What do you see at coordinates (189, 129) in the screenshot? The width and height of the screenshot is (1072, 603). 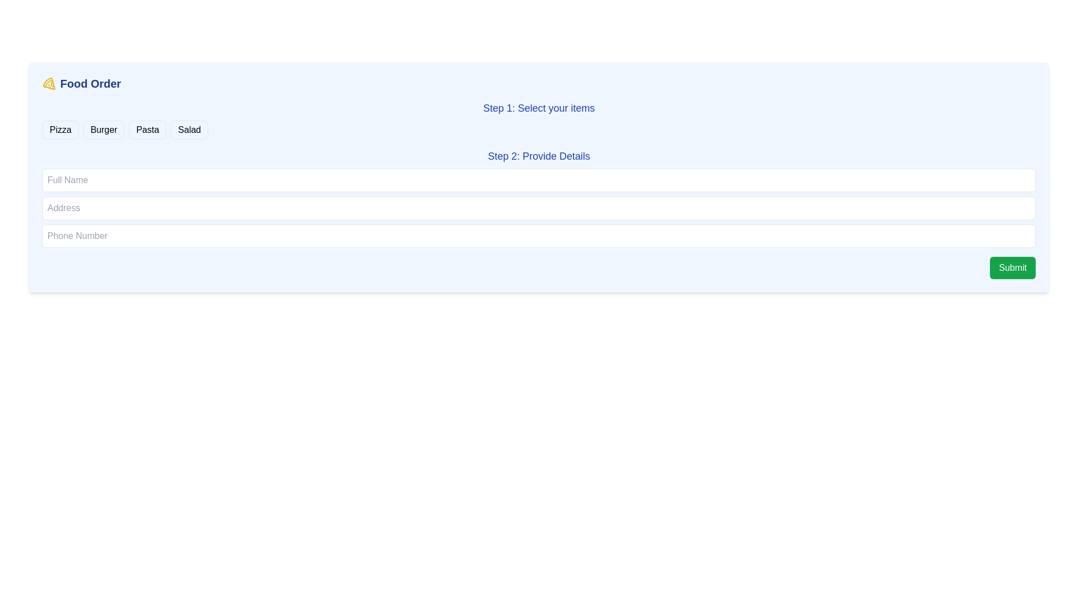 I see `the fourth button in the horizontal row that selects the 'Salad' category, located below the 'Food Order' title` at bounding box center [189, 129].